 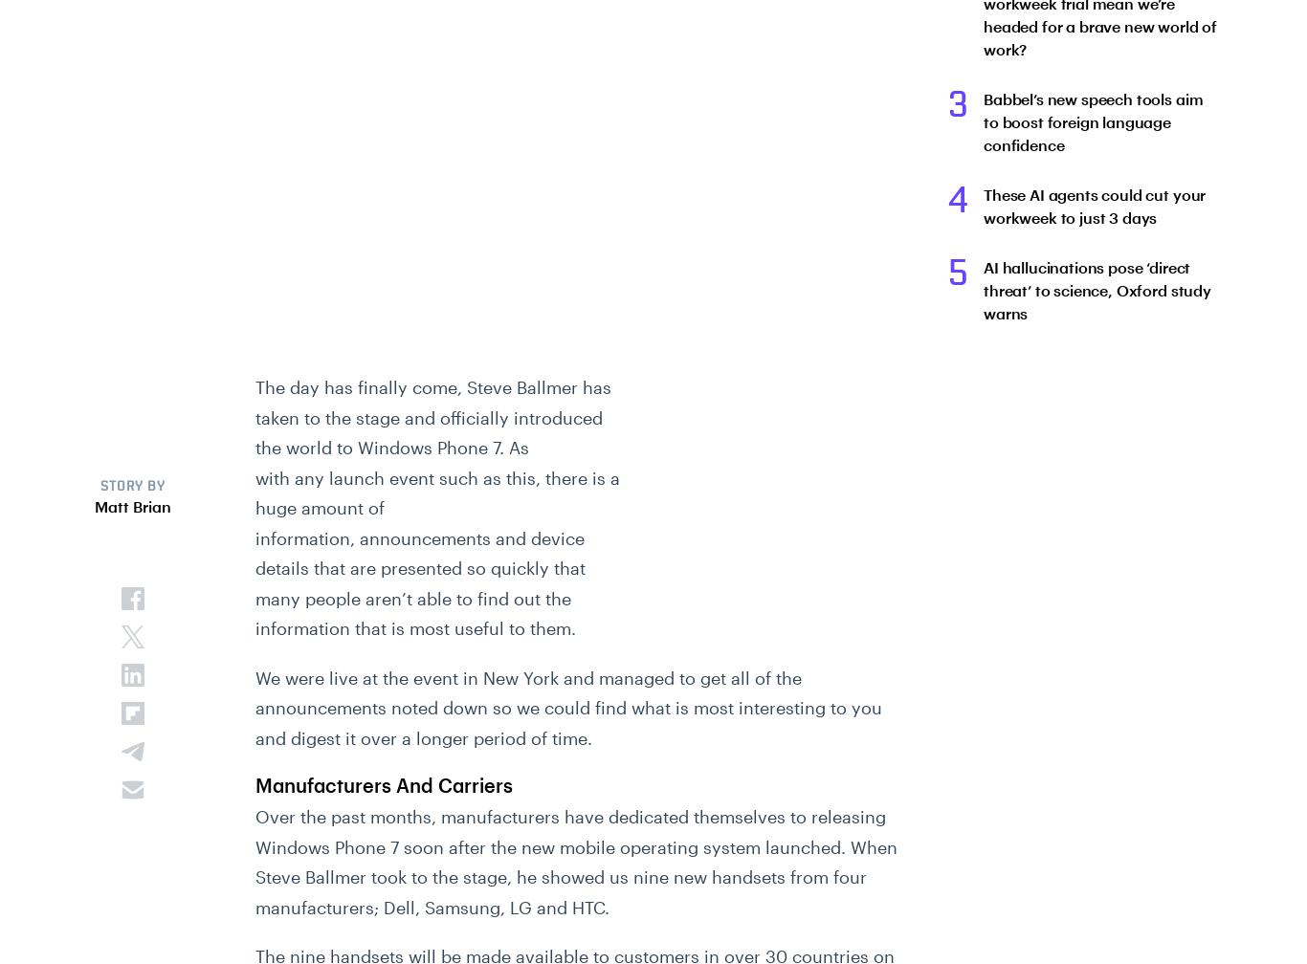 I want to click on '5', so click(x=948, y=274).